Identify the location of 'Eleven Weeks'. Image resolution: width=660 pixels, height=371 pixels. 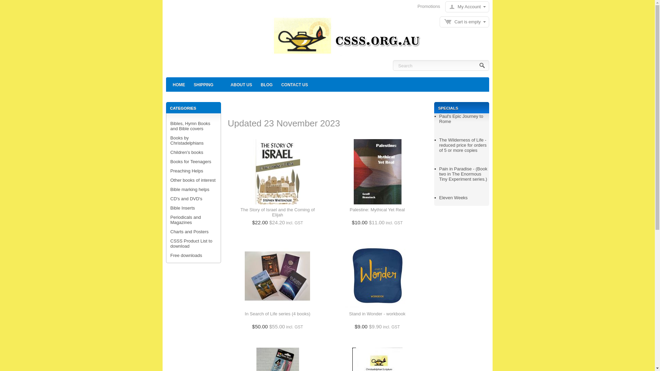
(453, 198).